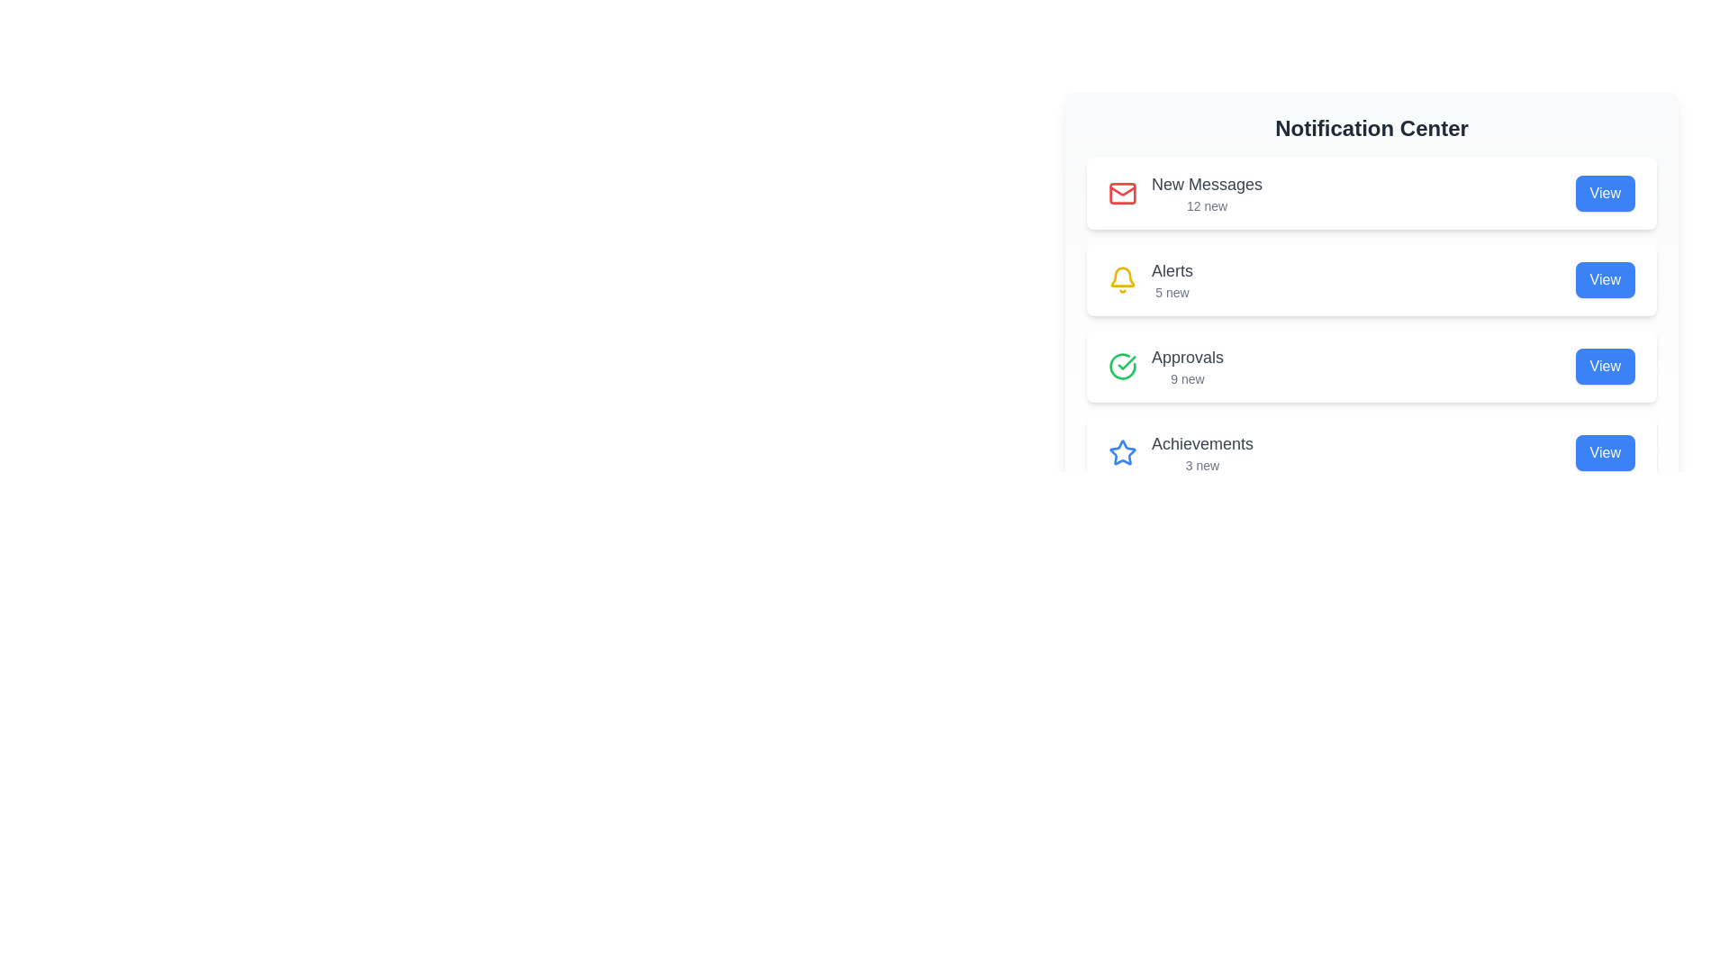 The width and height of the screenshot is (1729, 973). I want to click on informational text displaying 'Achievements' and '3 new' located in the Notification Center, positioned between the 'Approvals' item and the bottom margin of the notification list, so click(1202, 451).